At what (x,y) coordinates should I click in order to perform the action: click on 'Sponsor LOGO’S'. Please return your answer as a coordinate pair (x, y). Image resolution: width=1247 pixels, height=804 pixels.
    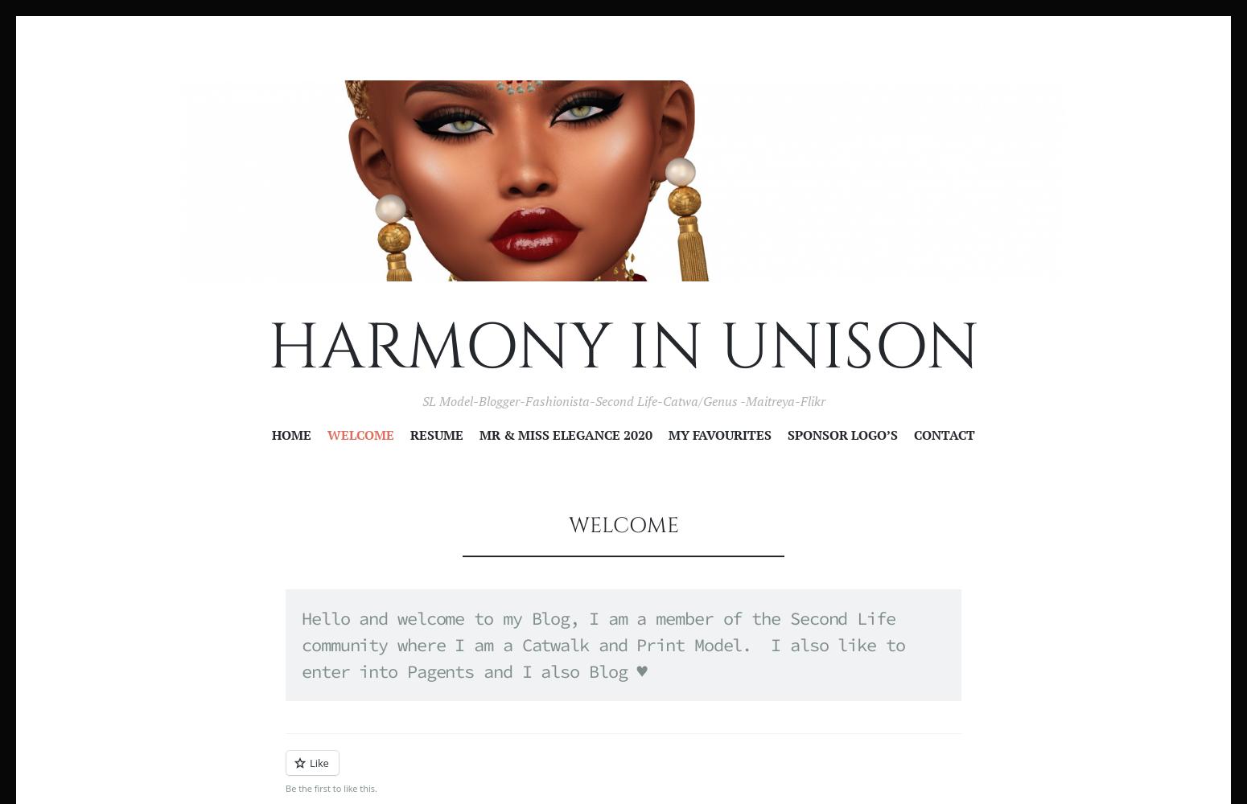
    Looking at the image, I should click on (842, 435).